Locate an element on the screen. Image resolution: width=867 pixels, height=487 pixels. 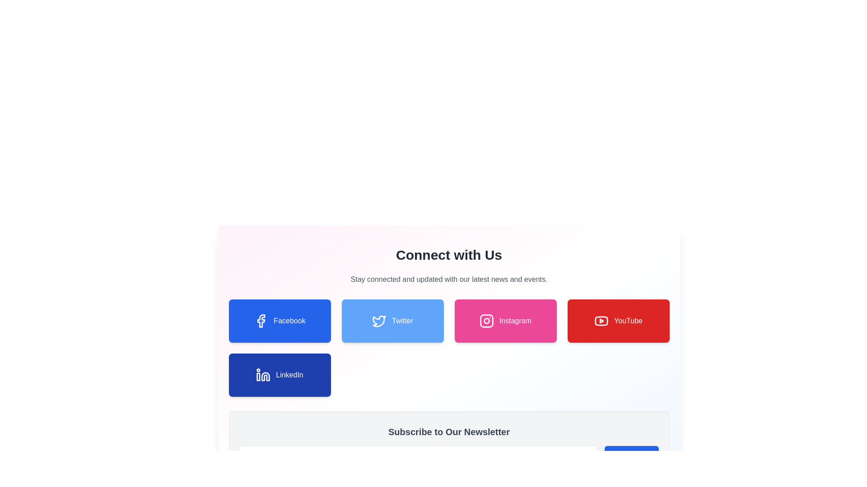
the Twitter icon within the button labeled 'Twitter' is located at coordinates (379, 321).